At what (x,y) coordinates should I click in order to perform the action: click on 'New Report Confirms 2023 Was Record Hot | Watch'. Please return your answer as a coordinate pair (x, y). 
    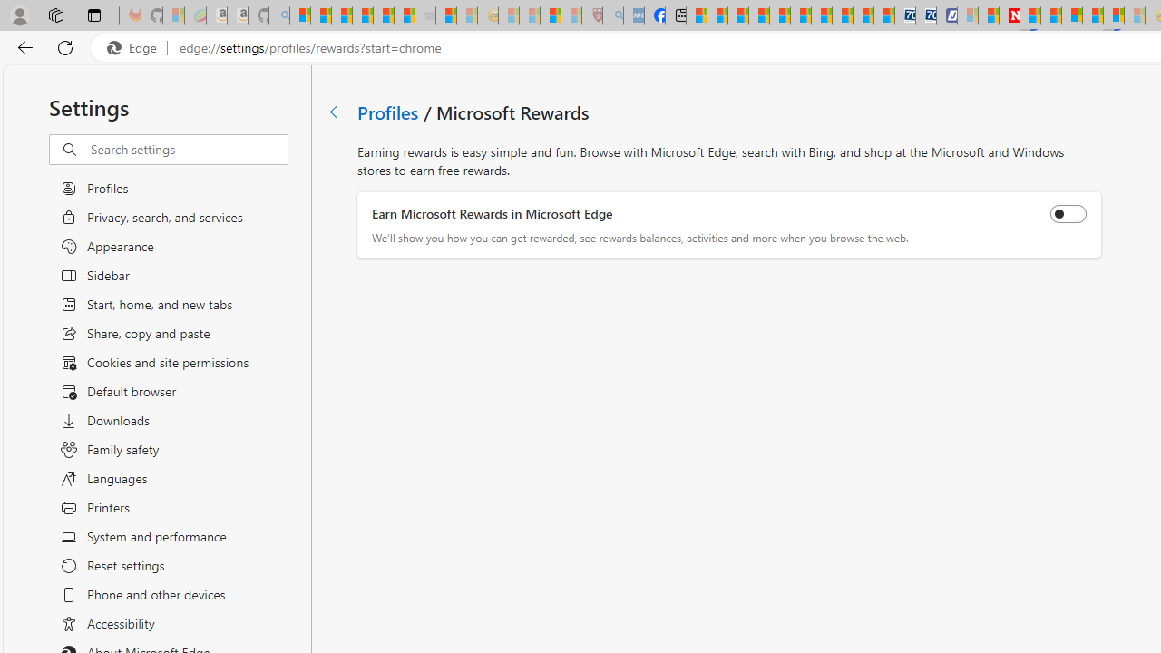
    Looking at the image, I should click on (383, 15).